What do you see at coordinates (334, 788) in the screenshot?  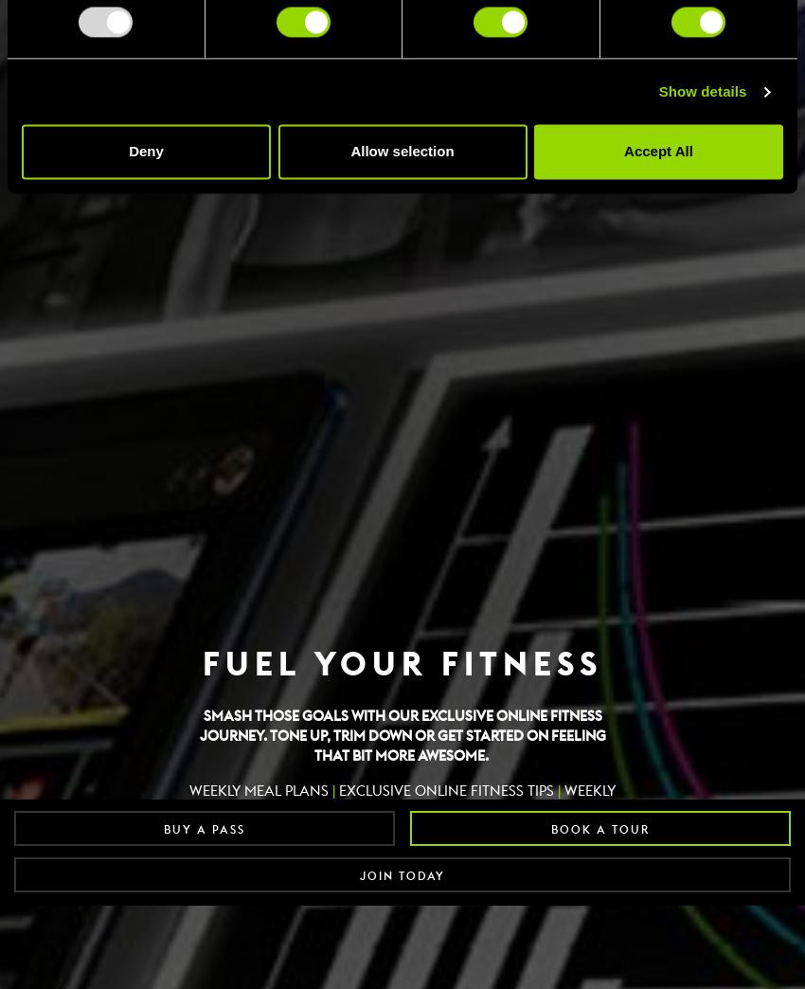 I see `'EXCLUSIVE ONLINE FITNESS TIPS'` at bounding box center [334, 788].